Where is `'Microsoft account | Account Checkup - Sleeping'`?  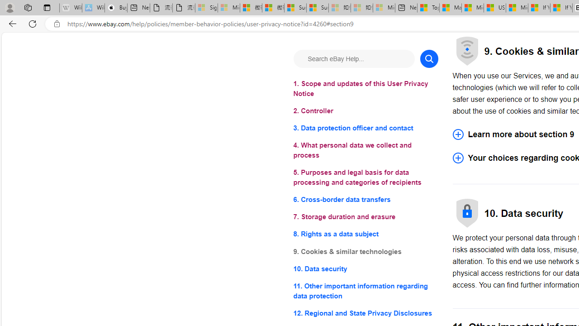 'Microsoft account | Account Checkup - Sleeping' is located at coordinates (384, 8).